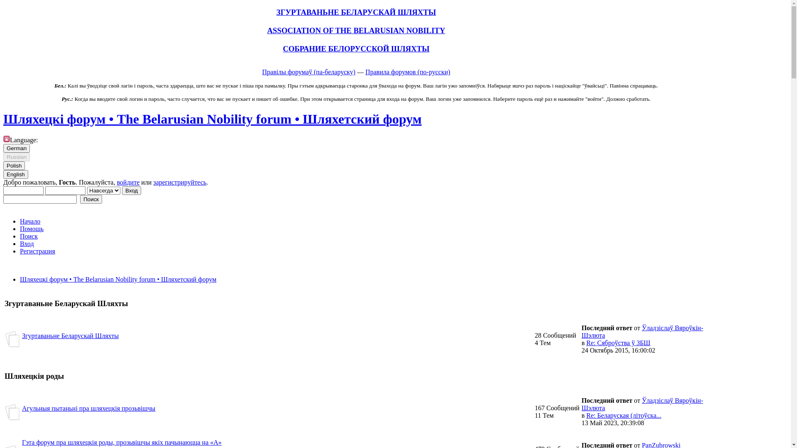  Describe the element at coordinates (3, 157) in the screenshot. I see `'Russian'` at that location.